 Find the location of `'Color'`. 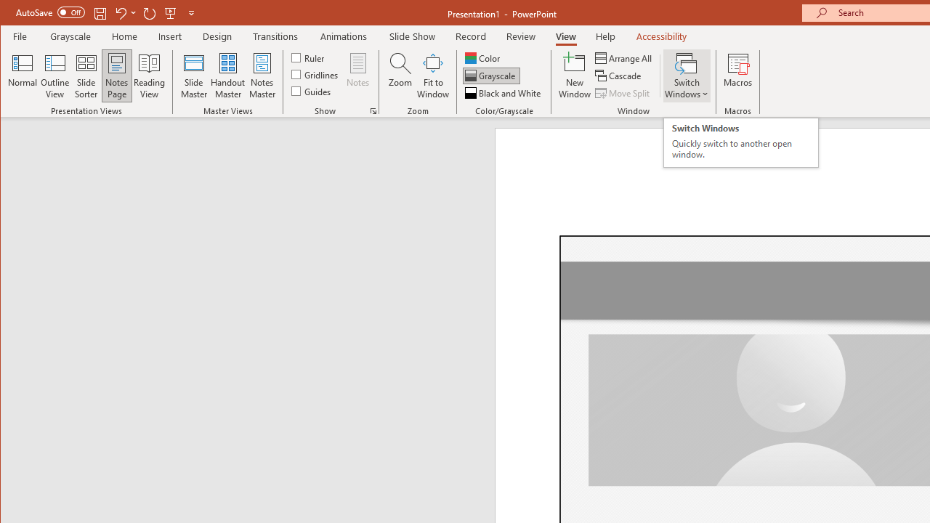

'Color' is located at coordinates (484, 57).